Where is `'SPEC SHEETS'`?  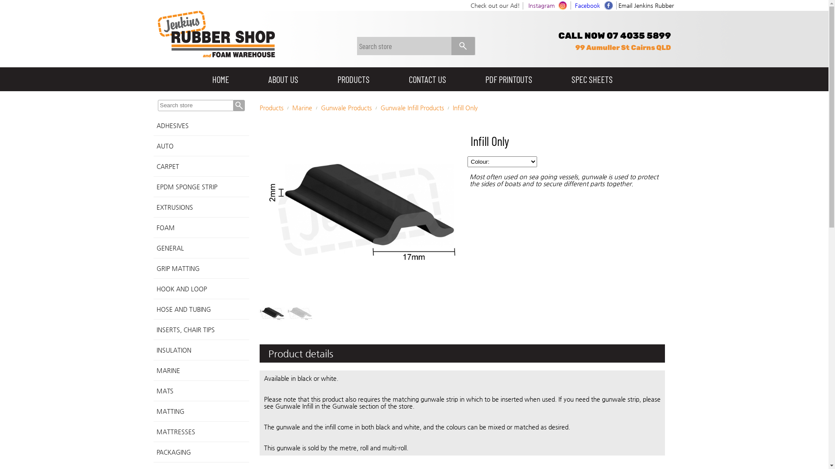 'SPEC SHEETS' is located at coordinates (591, 79).